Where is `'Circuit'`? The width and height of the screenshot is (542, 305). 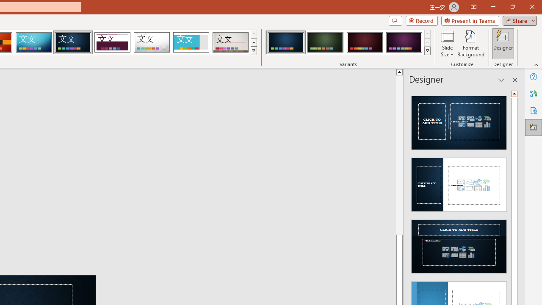 'Circuit' is located at coordinates (33, 42).